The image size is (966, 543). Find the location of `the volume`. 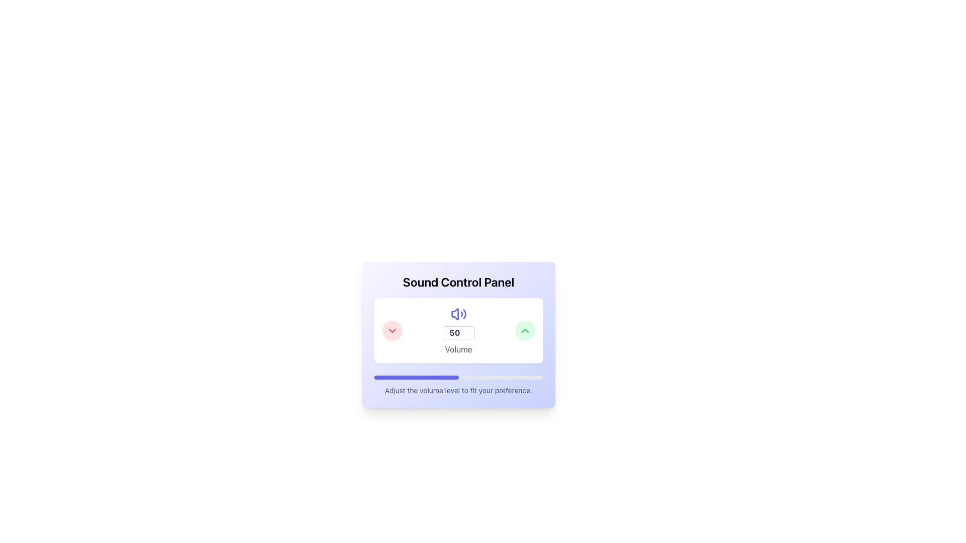

the volume is located at coordinates (441, 378).